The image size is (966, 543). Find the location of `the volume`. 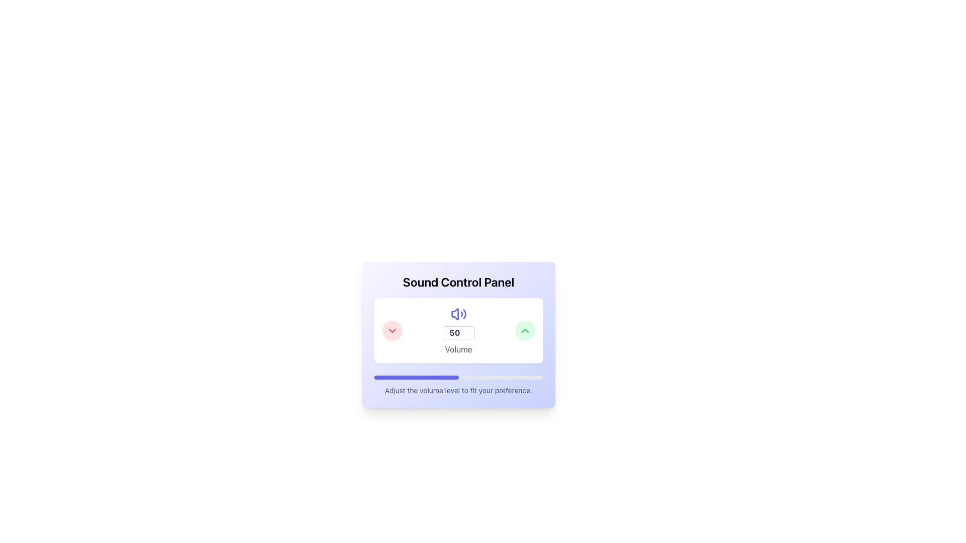

the volume is located at coordinates (441, 378).